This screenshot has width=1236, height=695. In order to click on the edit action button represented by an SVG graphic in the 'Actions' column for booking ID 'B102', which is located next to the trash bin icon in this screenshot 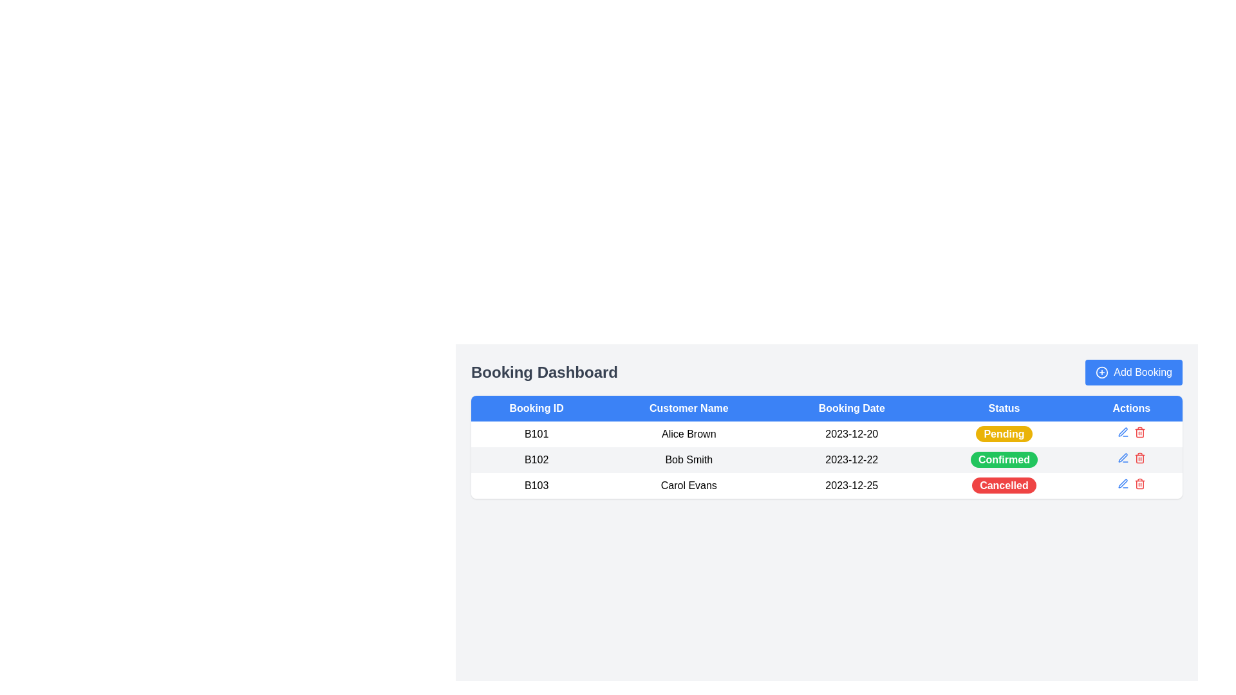, I will do `click(1122, 432)`.